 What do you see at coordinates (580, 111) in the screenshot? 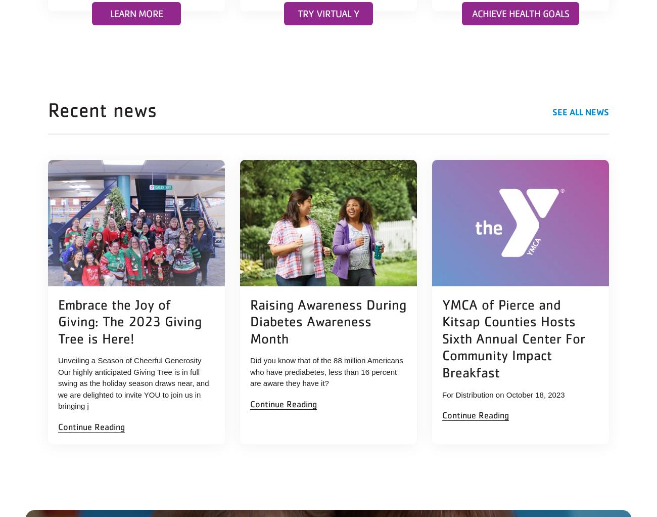
I see `'See all news'` at bounding box center [580, 111].